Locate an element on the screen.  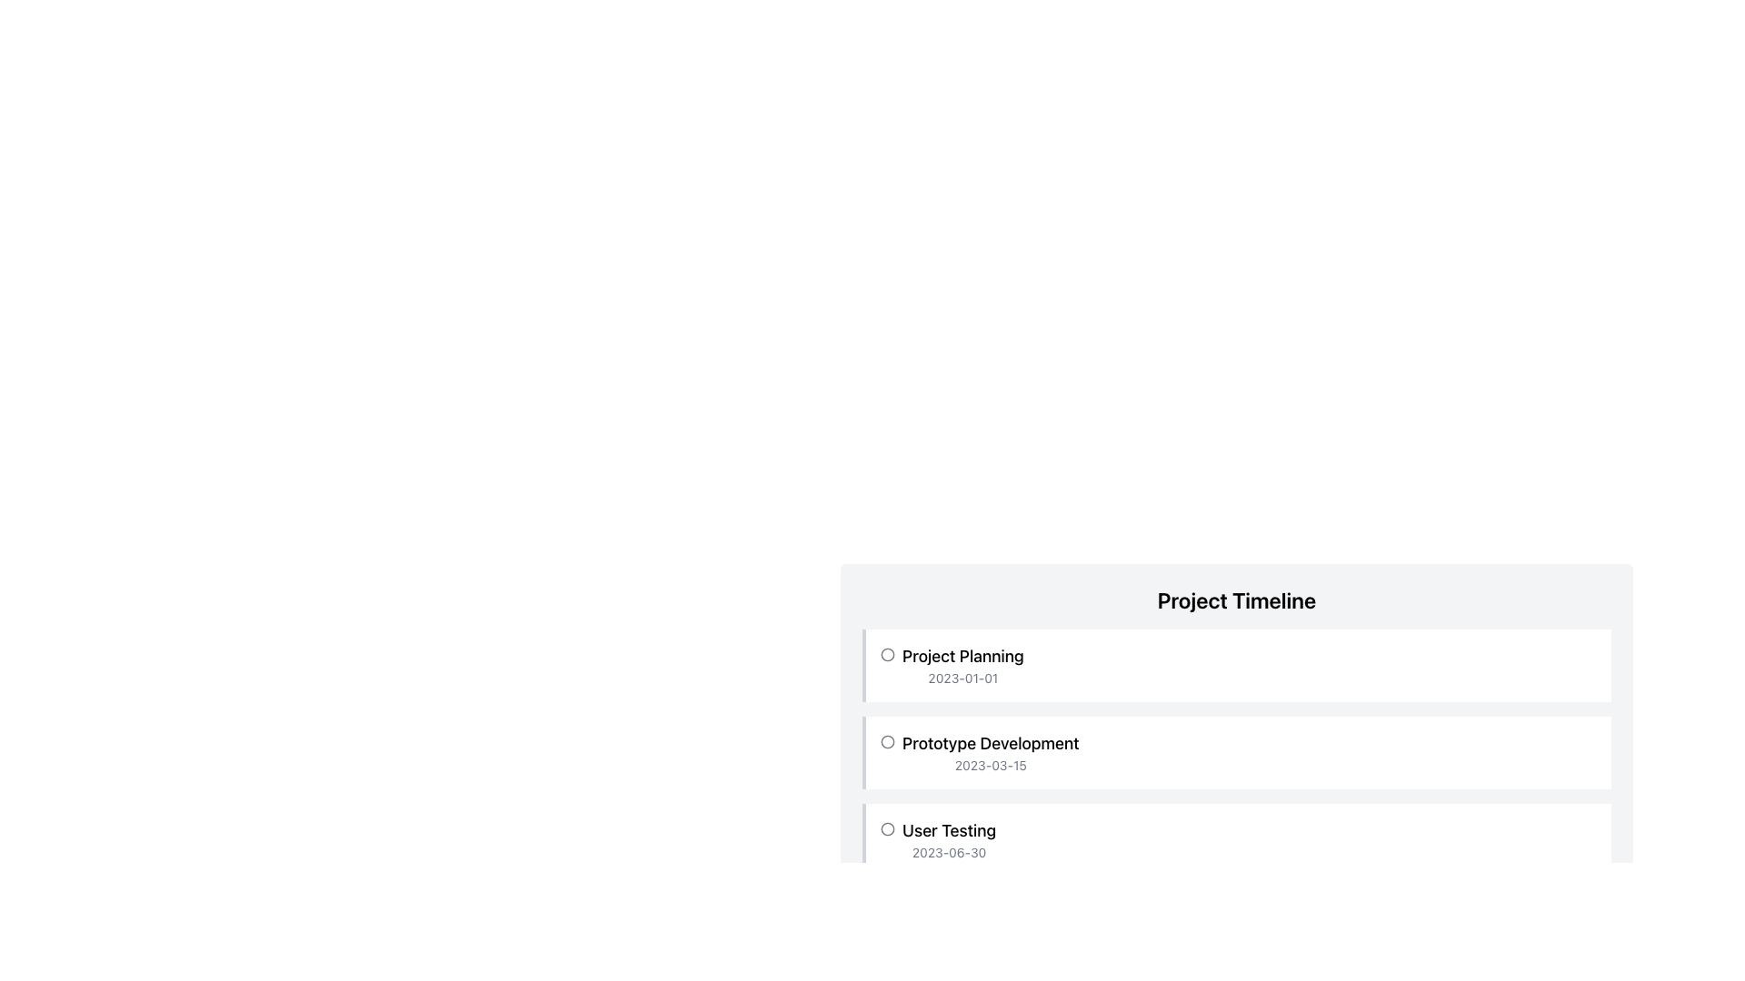
graphical marker indicating the timeline position for 'User Testing', which is positioned to the left of the text block displaying 'User Testing' and '2023-06-30' is located at coordinates (888, 840).